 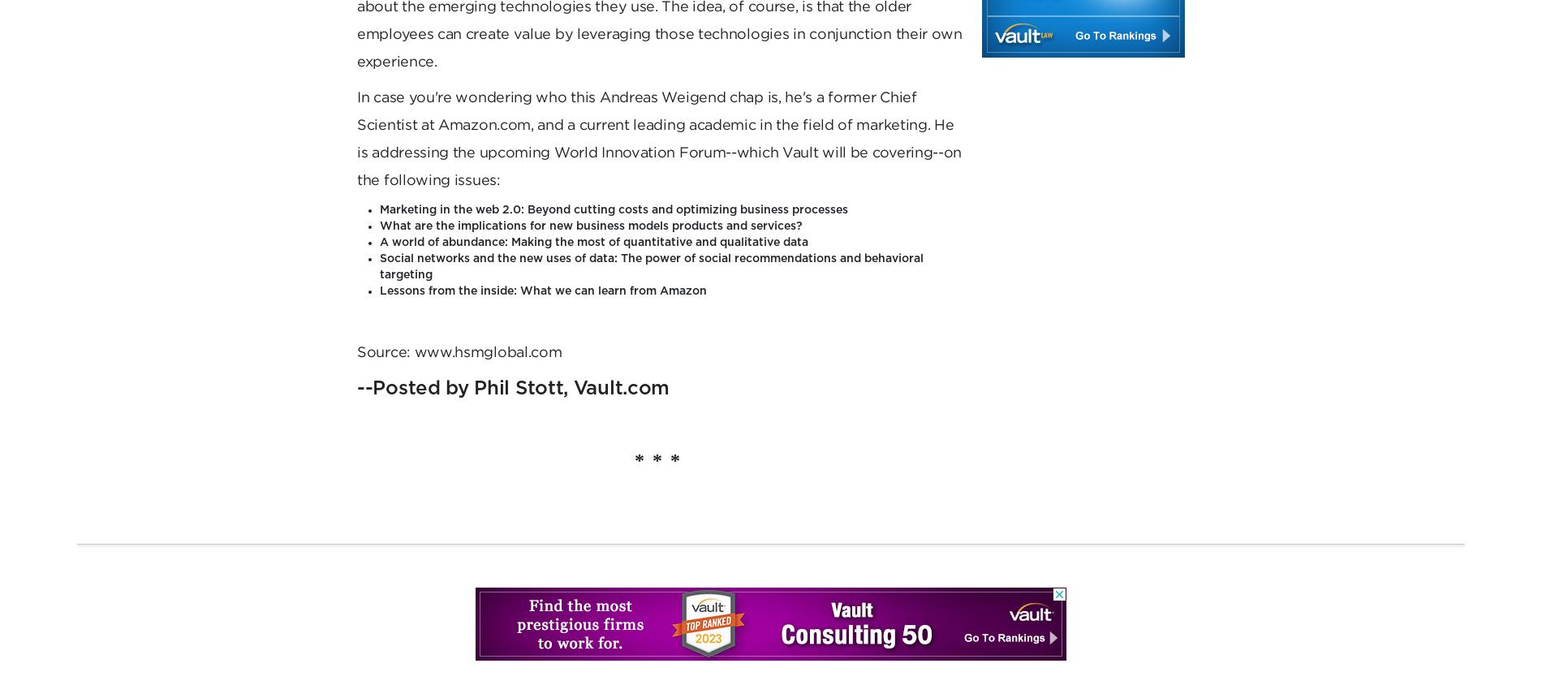 I want to click on 'Privacy policy', so click(x=683, y=422).